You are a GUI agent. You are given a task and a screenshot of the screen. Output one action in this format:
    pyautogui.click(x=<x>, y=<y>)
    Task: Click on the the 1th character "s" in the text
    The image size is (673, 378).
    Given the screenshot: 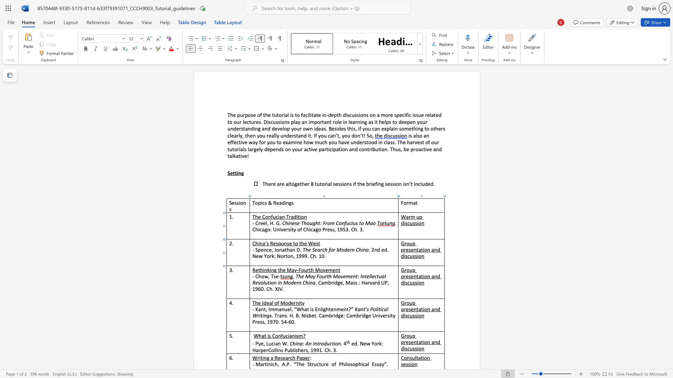 What is the action you would take?
    pyautogui.click(x=410, y=249)
    